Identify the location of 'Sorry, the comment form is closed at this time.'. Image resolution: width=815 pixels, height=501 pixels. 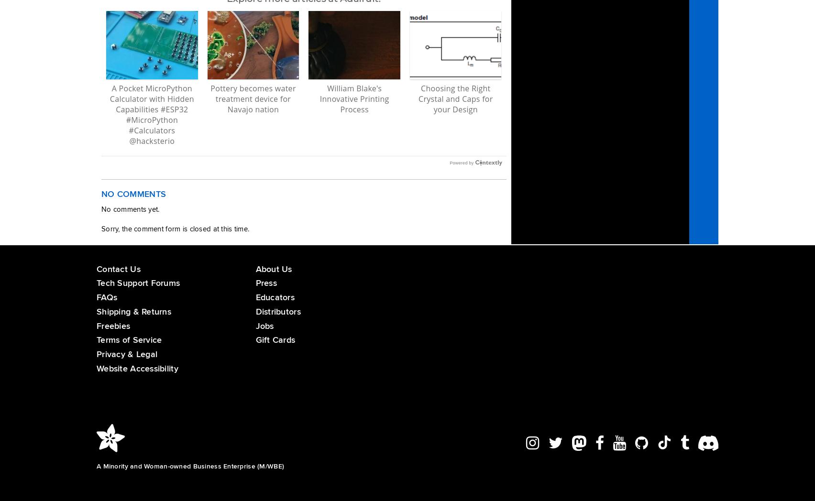
(101, 228).